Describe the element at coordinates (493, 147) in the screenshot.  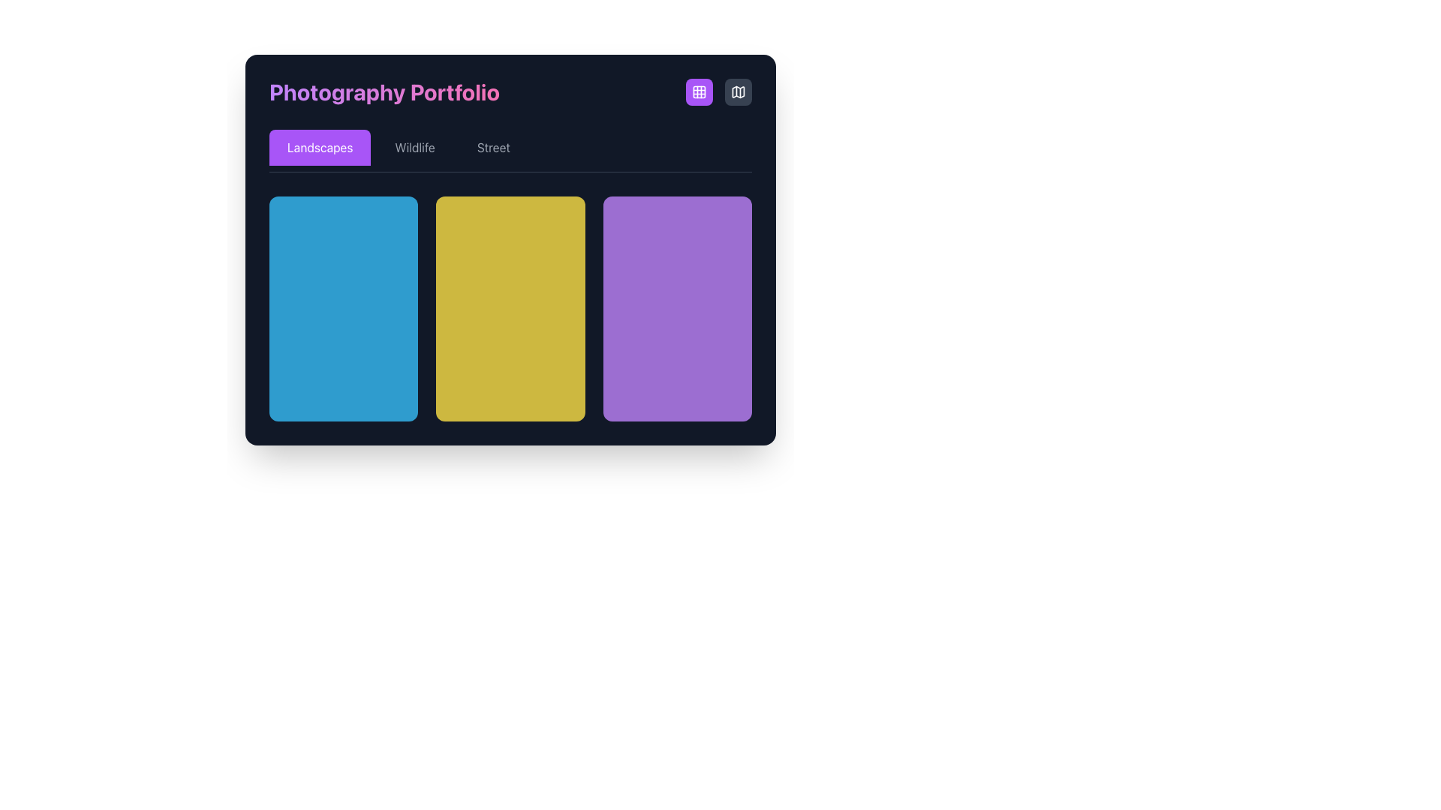
I see `the 'Street' button, which is a textual button with light gray text on a dark background, part of a navigation menu at the top of the interface` at that location.